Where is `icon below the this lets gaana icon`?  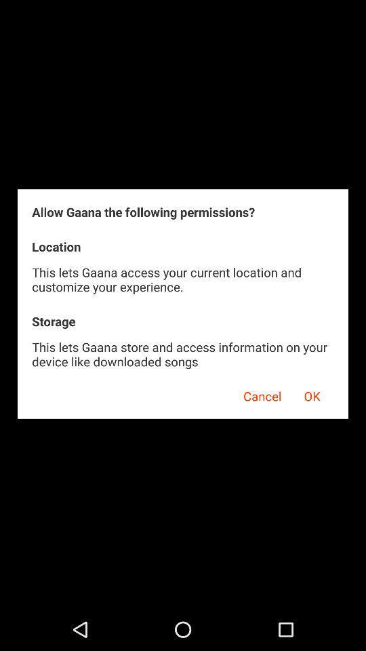 icon below the this lets gaana icon is located at coordinates (312, 394).